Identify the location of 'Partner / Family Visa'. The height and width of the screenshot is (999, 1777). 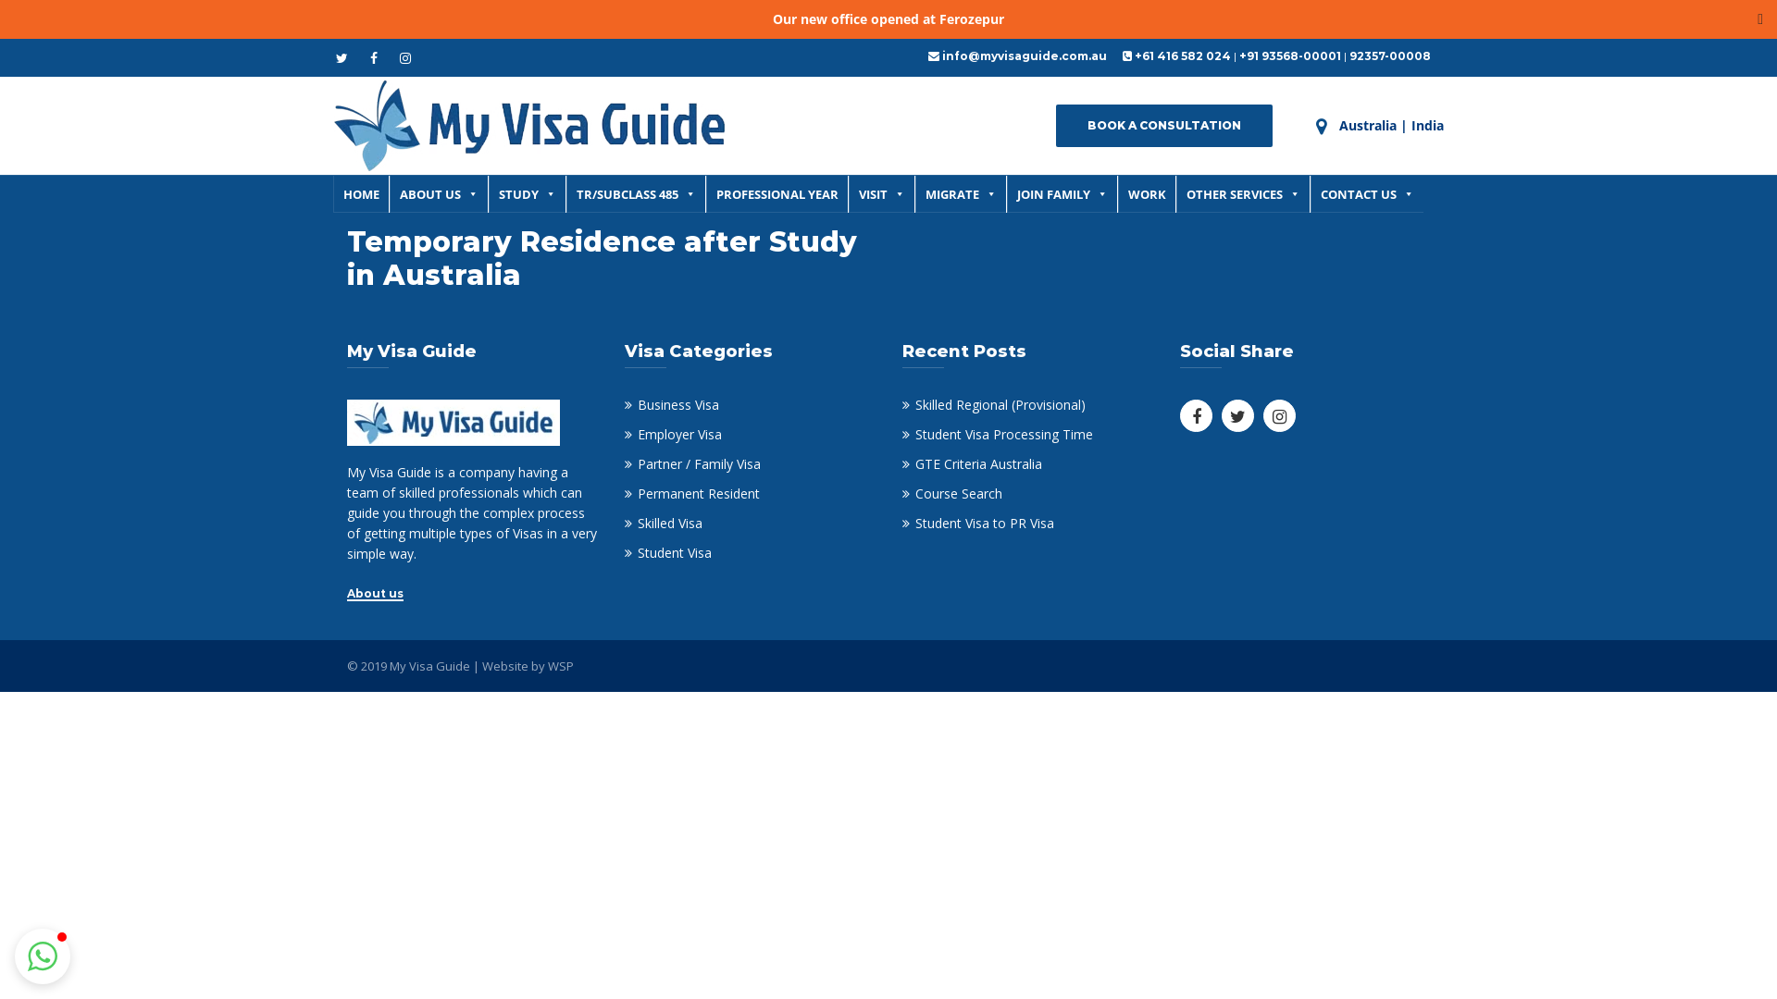
(691, 462).